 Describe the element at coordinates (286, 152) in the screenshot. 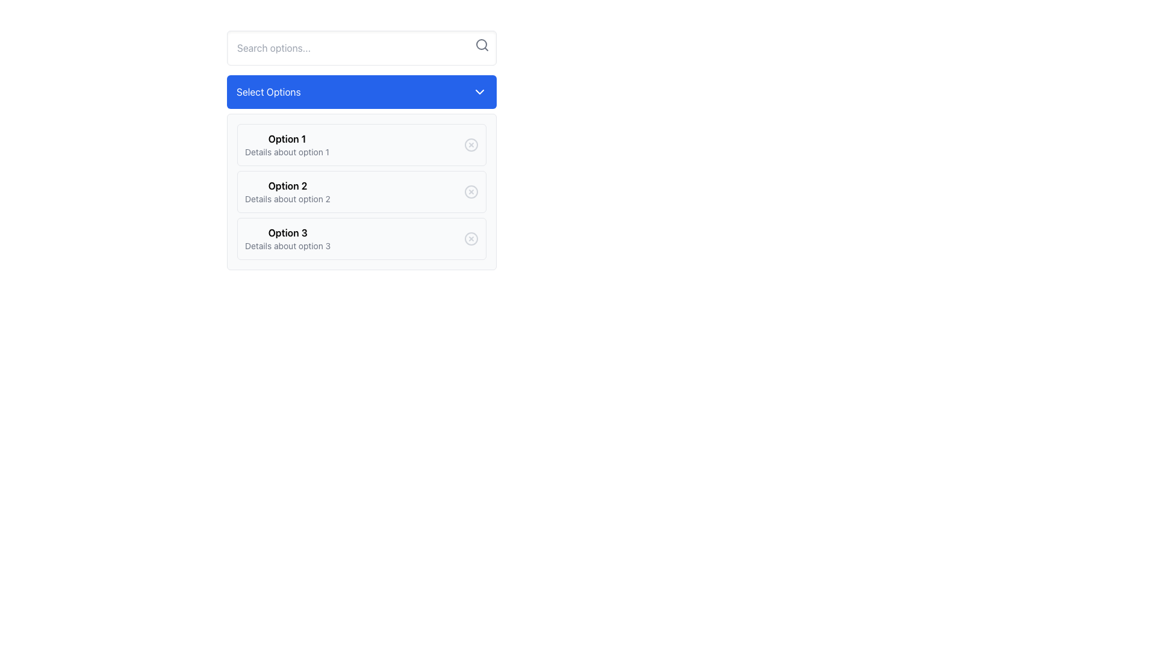

I see `the static text label that displays 'Details about option 1', which is styled with a small font size and gray coloring, positioned directly under the main title 'Option 1' in the dropdown list of options` at that location.